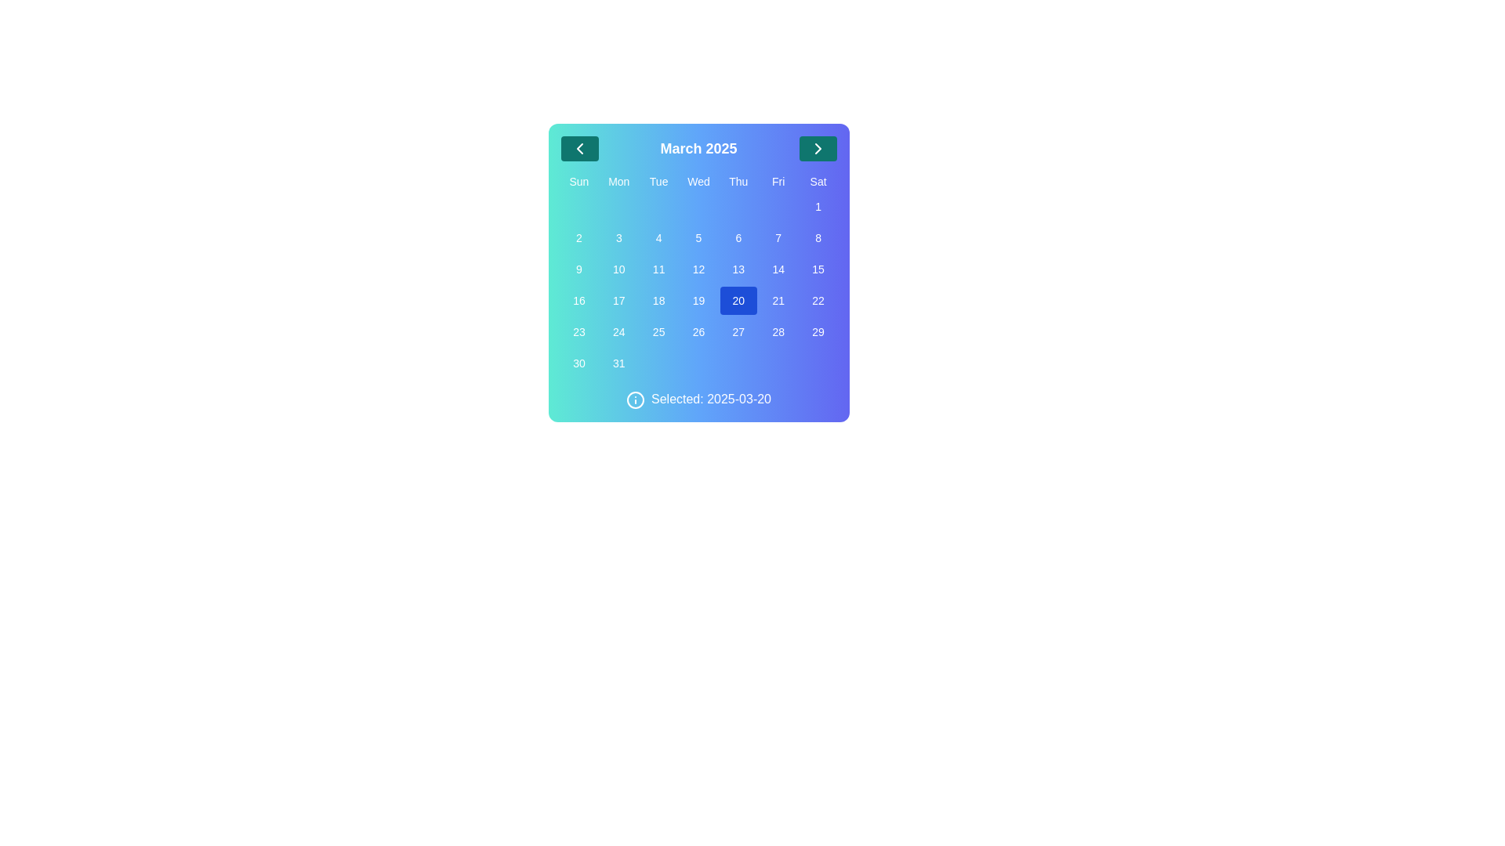 This screenshot has width=1505, height=846. Describe the element at coordinates (698, 148) in the screenshot. I see `the header text component that displays the current month and year in the calendar interface` at that location.